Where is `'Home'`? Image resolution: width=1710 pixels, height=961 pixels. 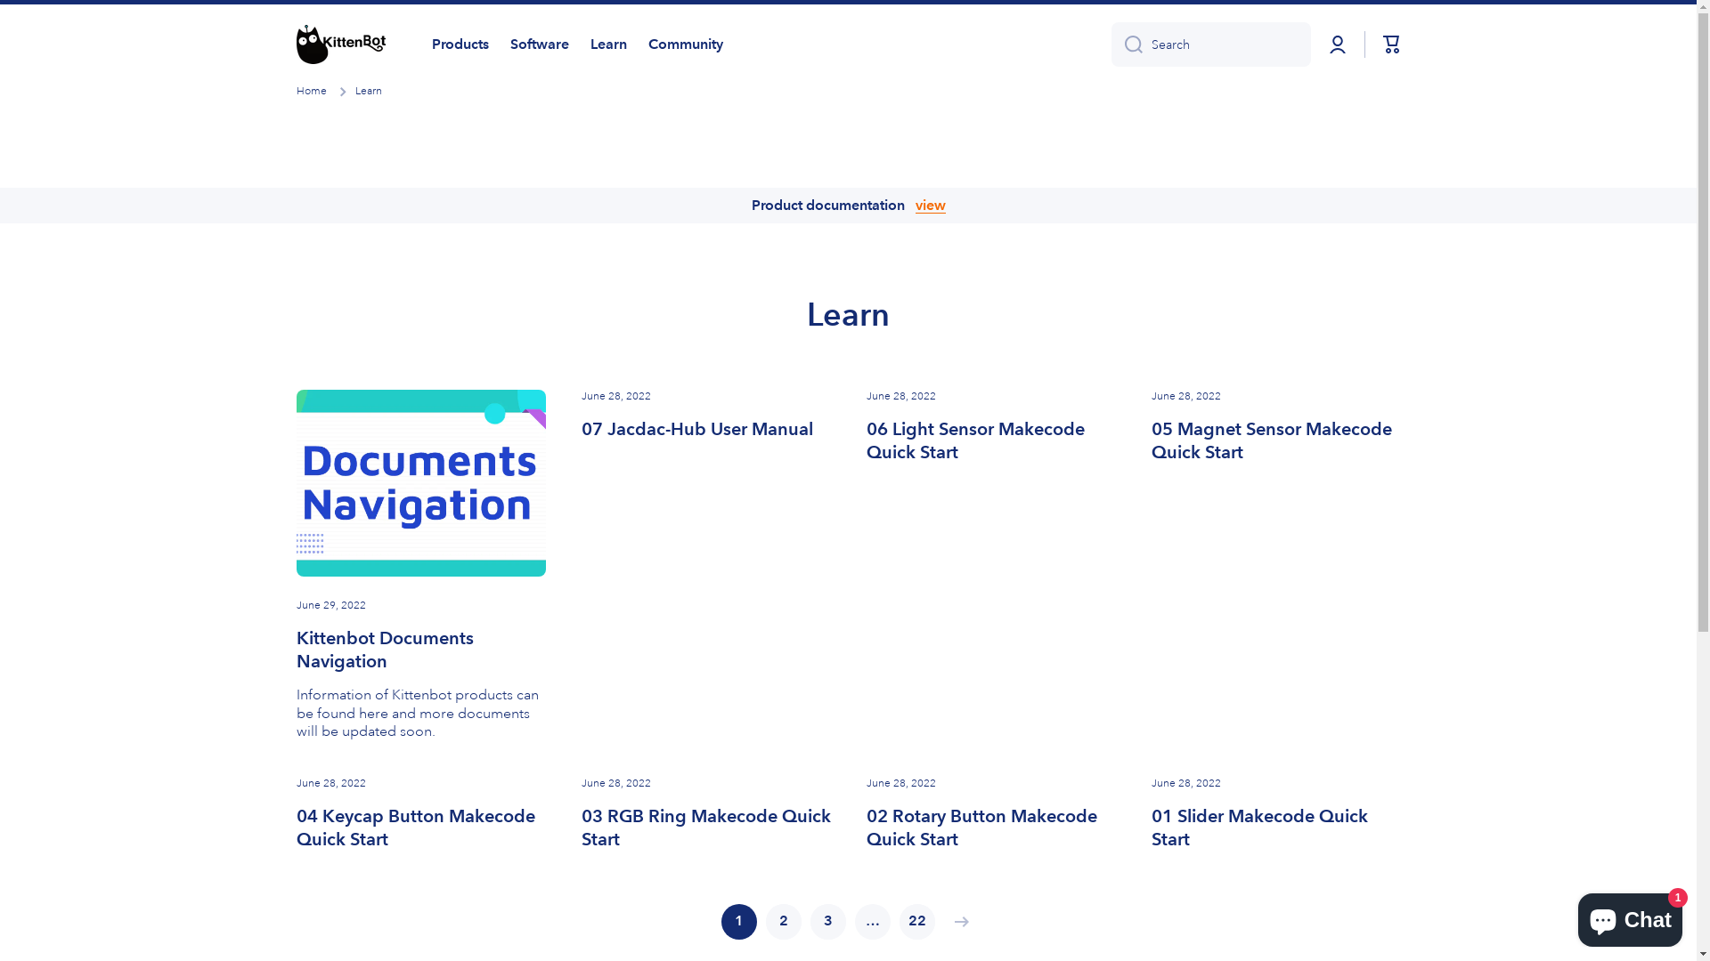 'Home' is located at coordinates (311, 92).